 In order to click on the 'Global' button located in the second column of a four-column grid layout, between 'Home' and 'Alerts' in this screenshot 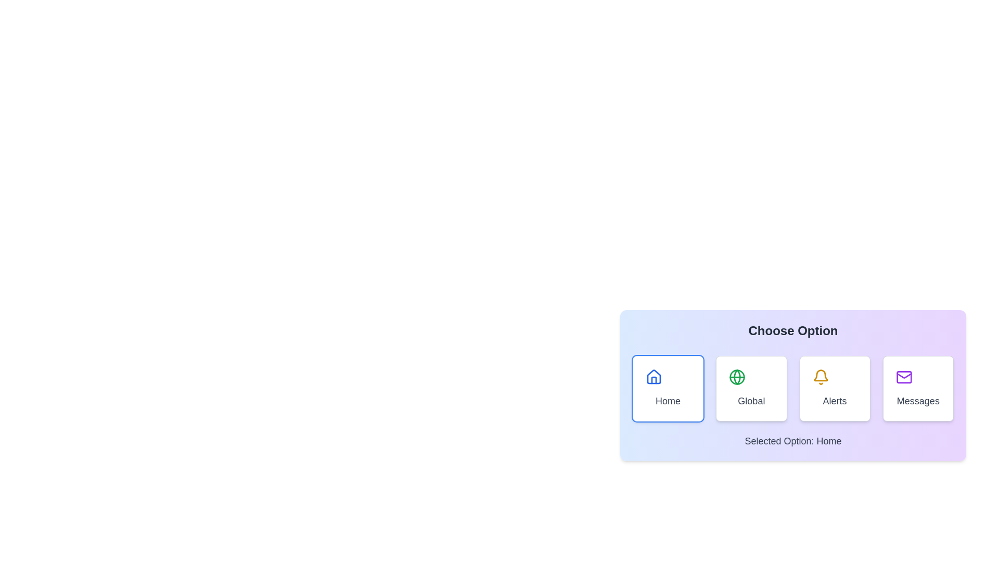, I will do `click(751, 389)`.